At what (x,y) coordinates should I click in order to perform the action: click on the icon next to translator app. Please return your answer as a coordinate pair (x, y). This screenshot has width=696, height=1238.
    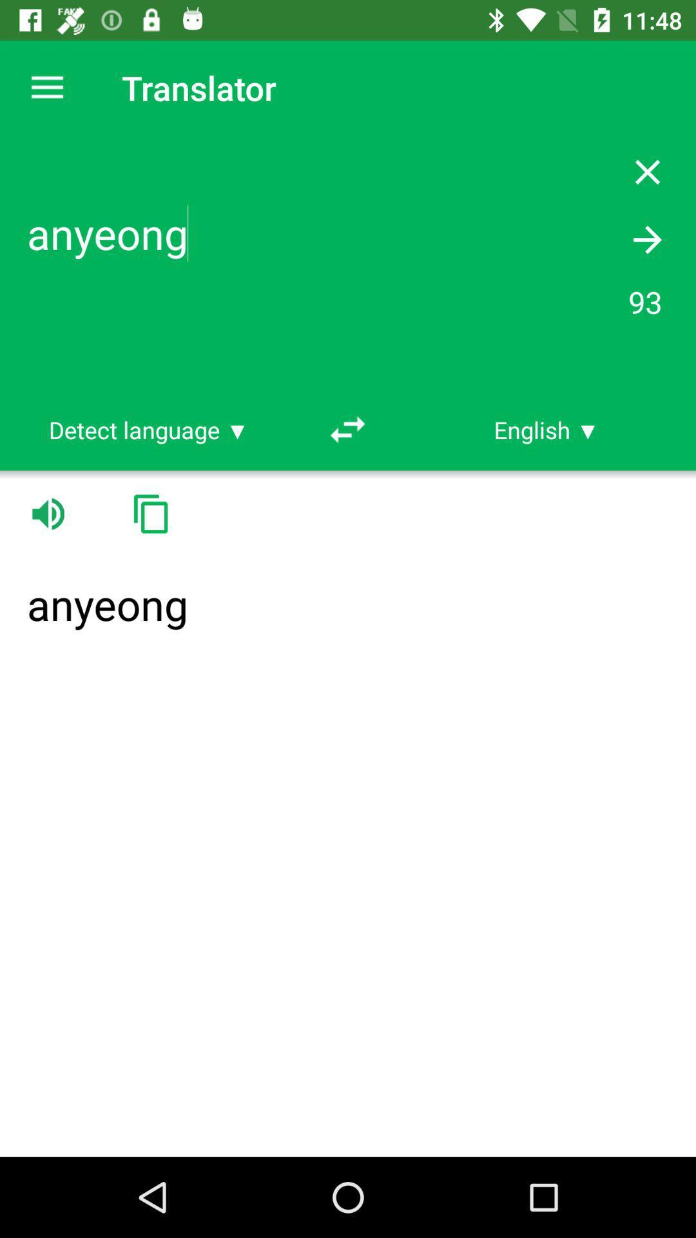
    Looking at the image, I should click on (46, 87).